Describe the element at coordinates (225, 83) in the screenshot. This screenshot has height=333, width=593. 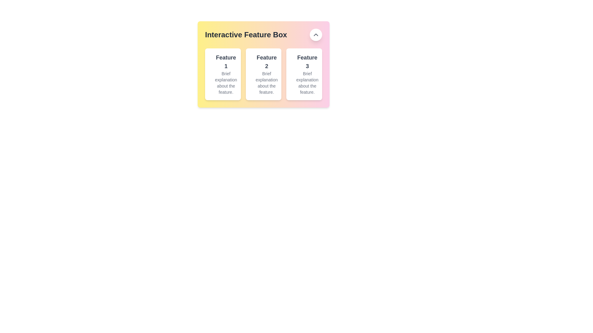
I see `description text located beneath the heading 'Feature 1' within the first rectangular card` at that location.